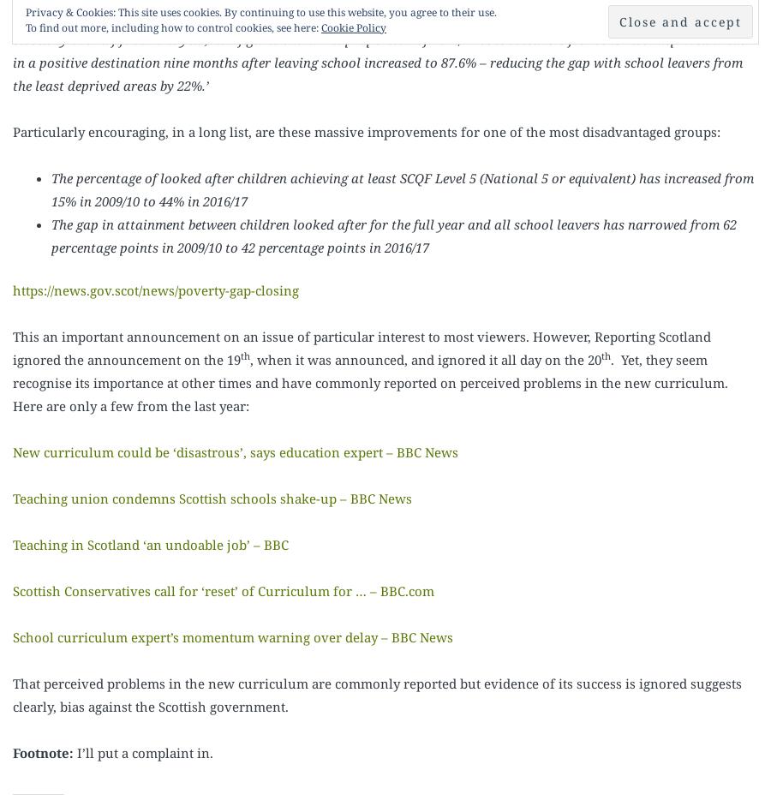 The image size is (771, 800). I want to click on 'I’ll put a complaint in.', so click(143, 750).